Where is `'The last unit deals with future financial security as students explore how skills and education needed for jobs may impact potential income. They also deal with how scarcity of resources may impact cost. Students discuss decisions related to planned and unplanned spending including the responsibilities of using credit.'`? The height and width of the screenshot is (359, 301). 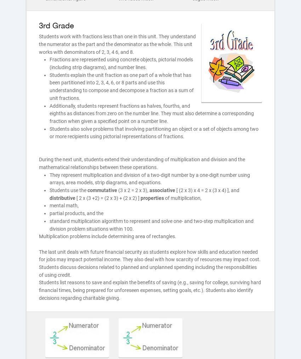
'The last unit deals with future financial security as students explore how skills and education needed for jobs may impact potential income. They also deal with how scarcity of resources may impact cost. Students discuss decisions related to planned and unplanned spending including the responsibilities of using credit.' is located at coordinates (149, 263).